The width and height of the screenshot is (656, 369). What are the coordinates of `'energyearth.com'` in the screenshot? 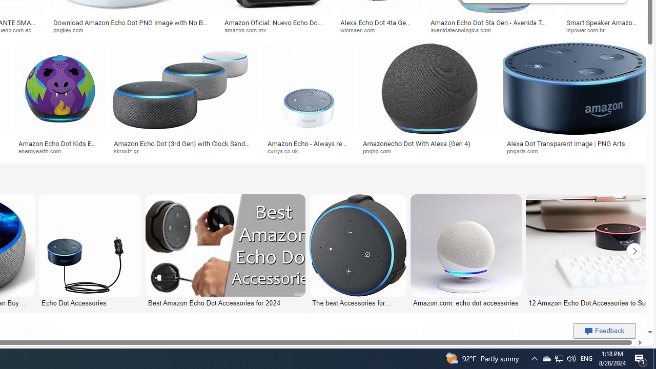 It's located at (43, 151).